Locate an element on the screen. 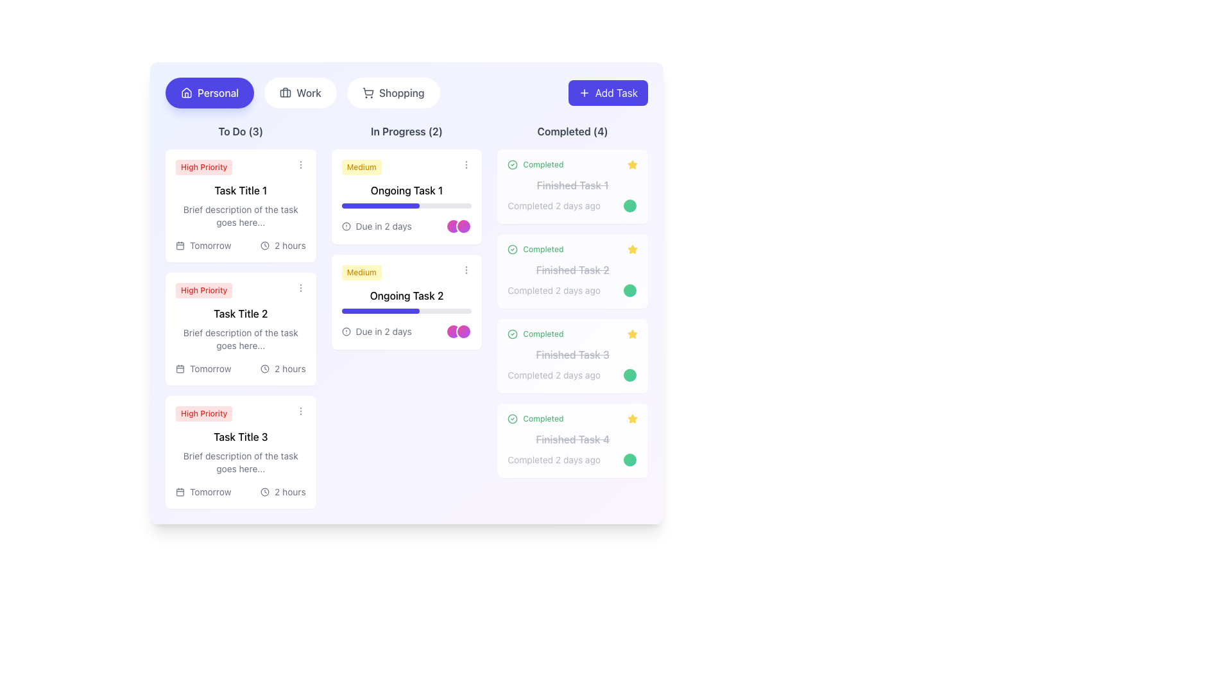  the text label displaying 'Ongoing Task 2', which is part of the ongoing task card under the 'In Progress' category, positioned below the label 'Medium' is located at coordinates (406, 296).